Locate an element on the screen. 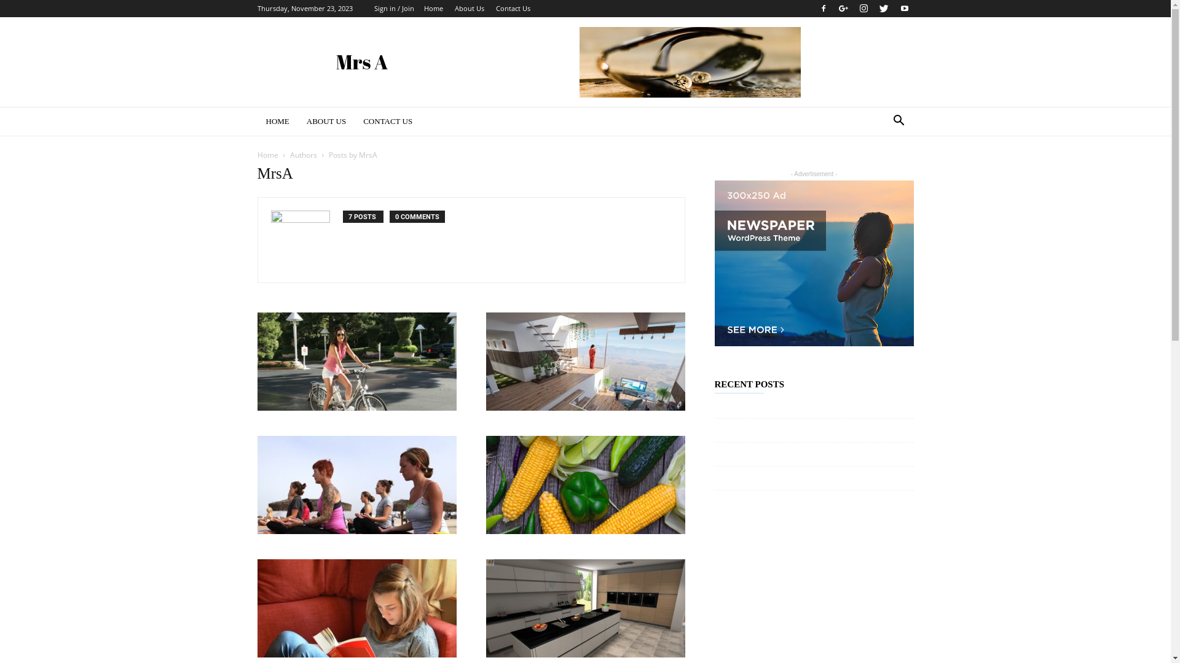 The image size is (1180, 663). 'Google+' is located at coordinates (835, 9).